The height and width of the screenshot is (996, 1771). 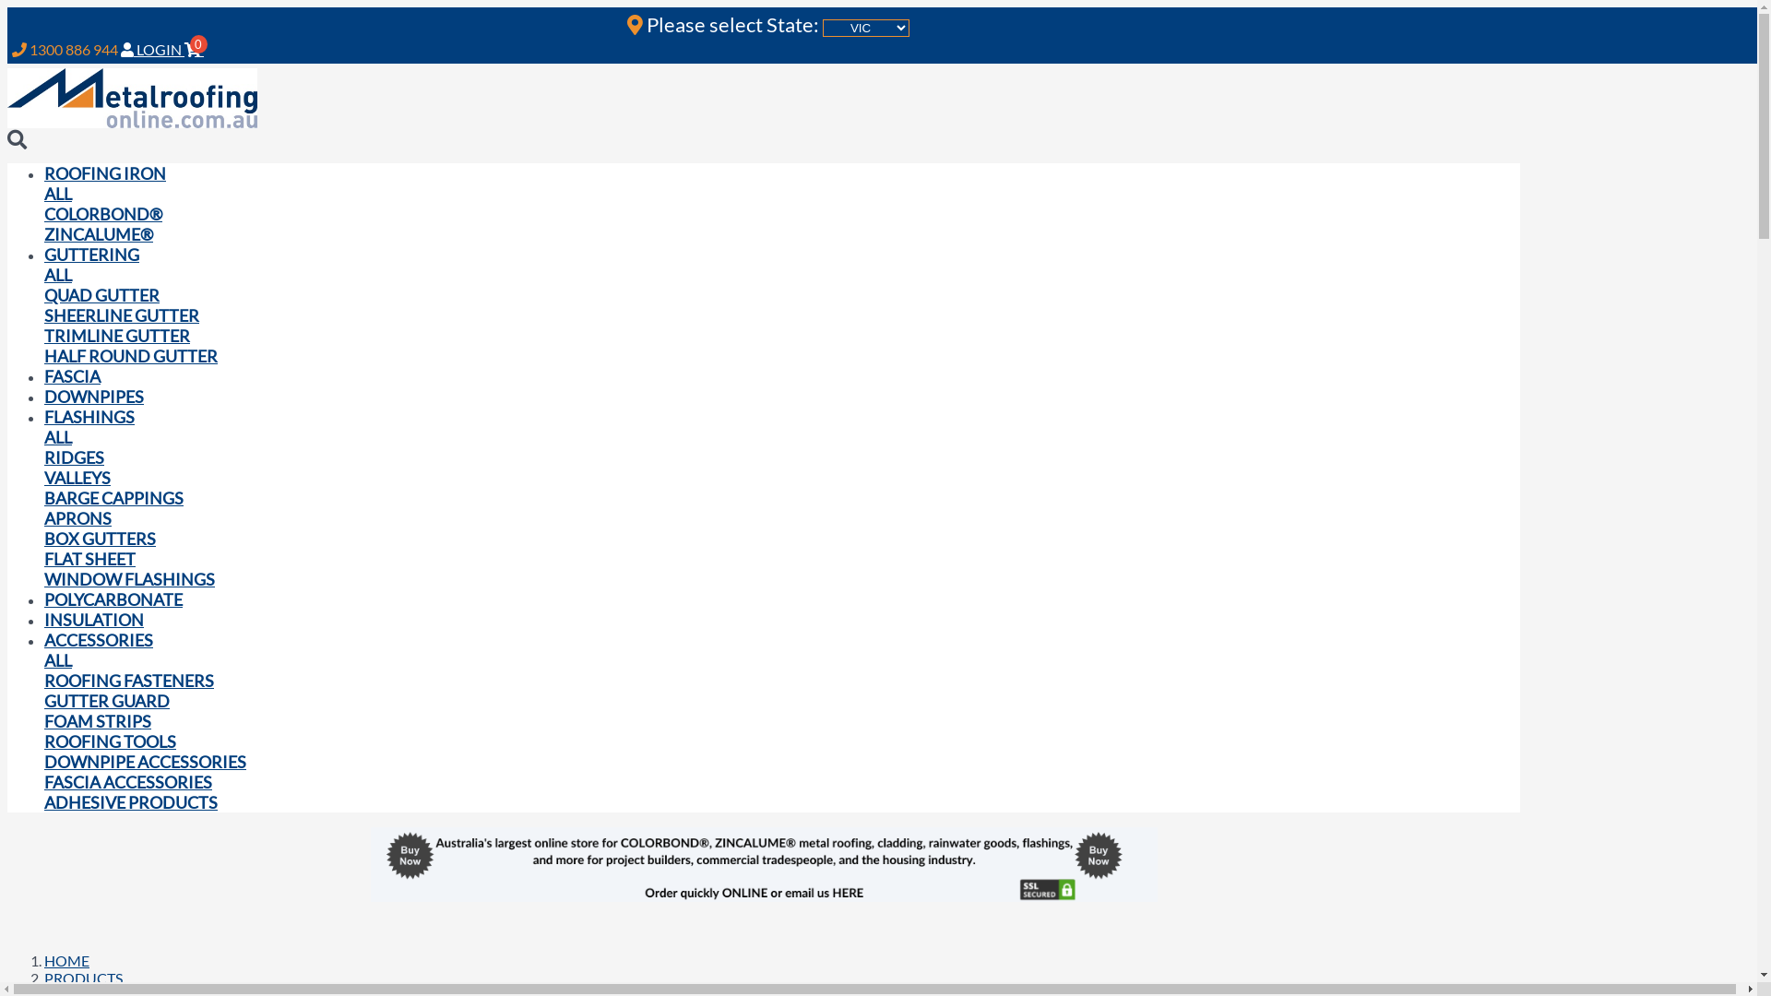 I want to click on 'ROOFING IRON', so click(x=104, y=173).